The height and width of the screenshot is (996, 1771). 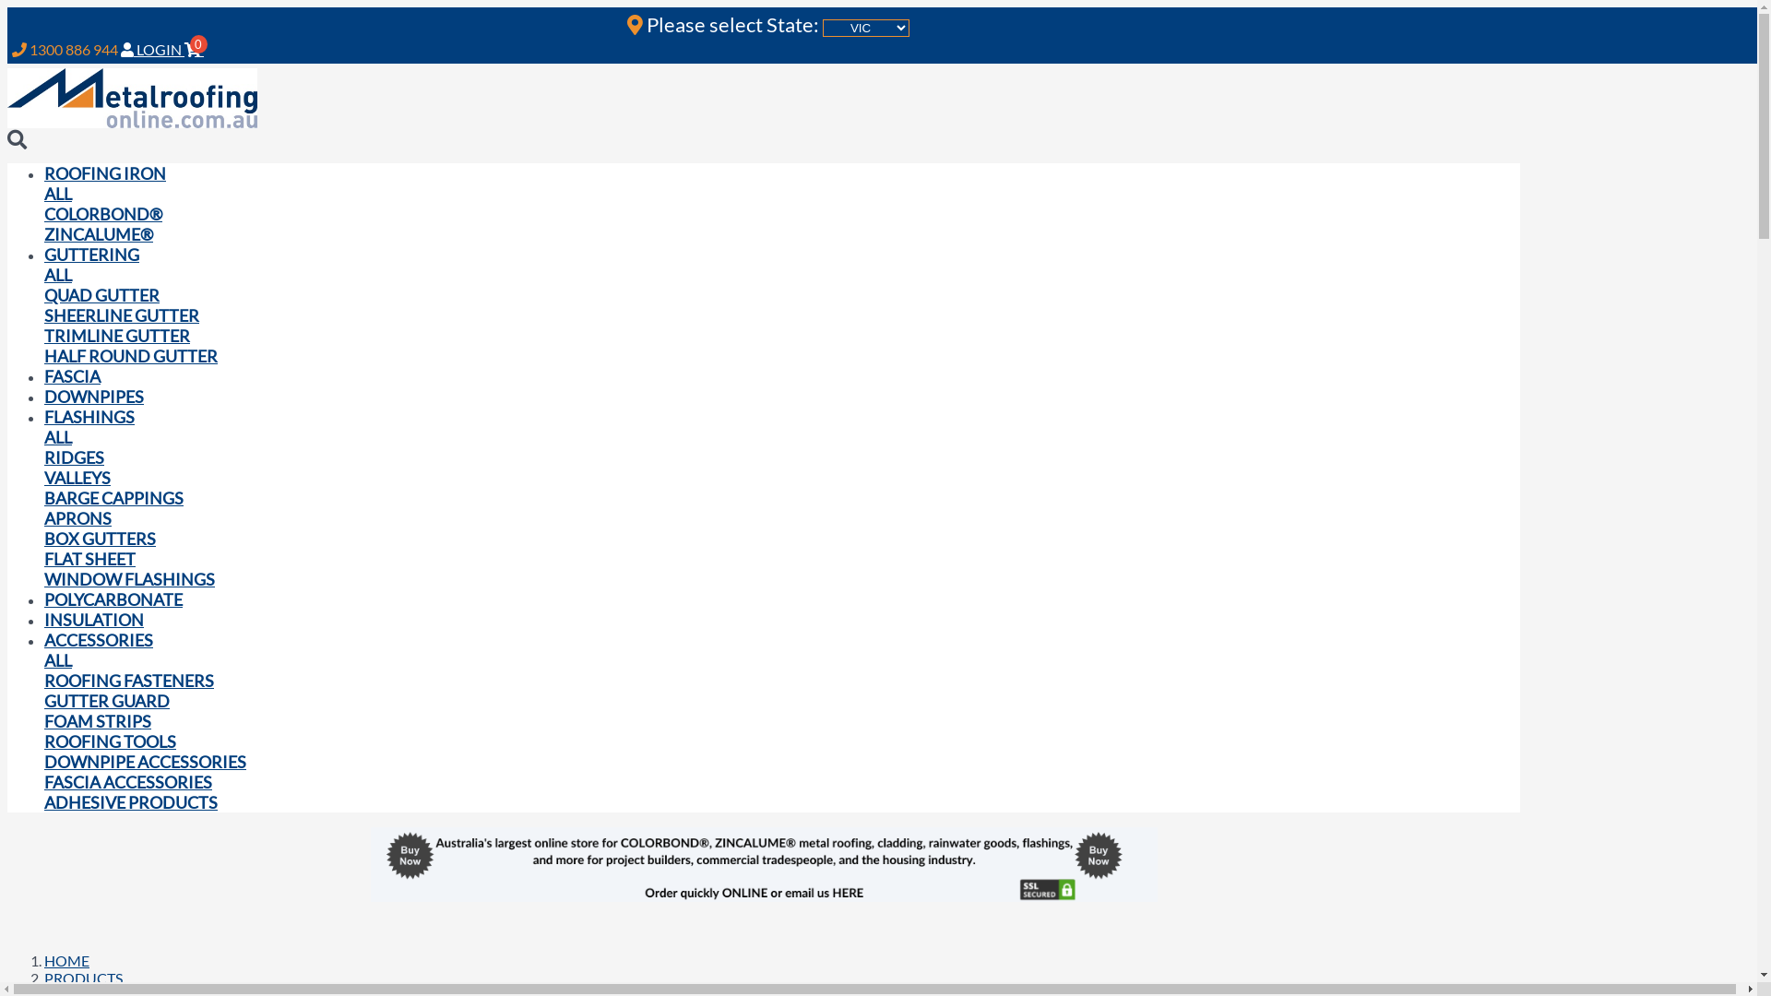 I want to click on 'ROOFING IRON', so click(x=104, y=173).